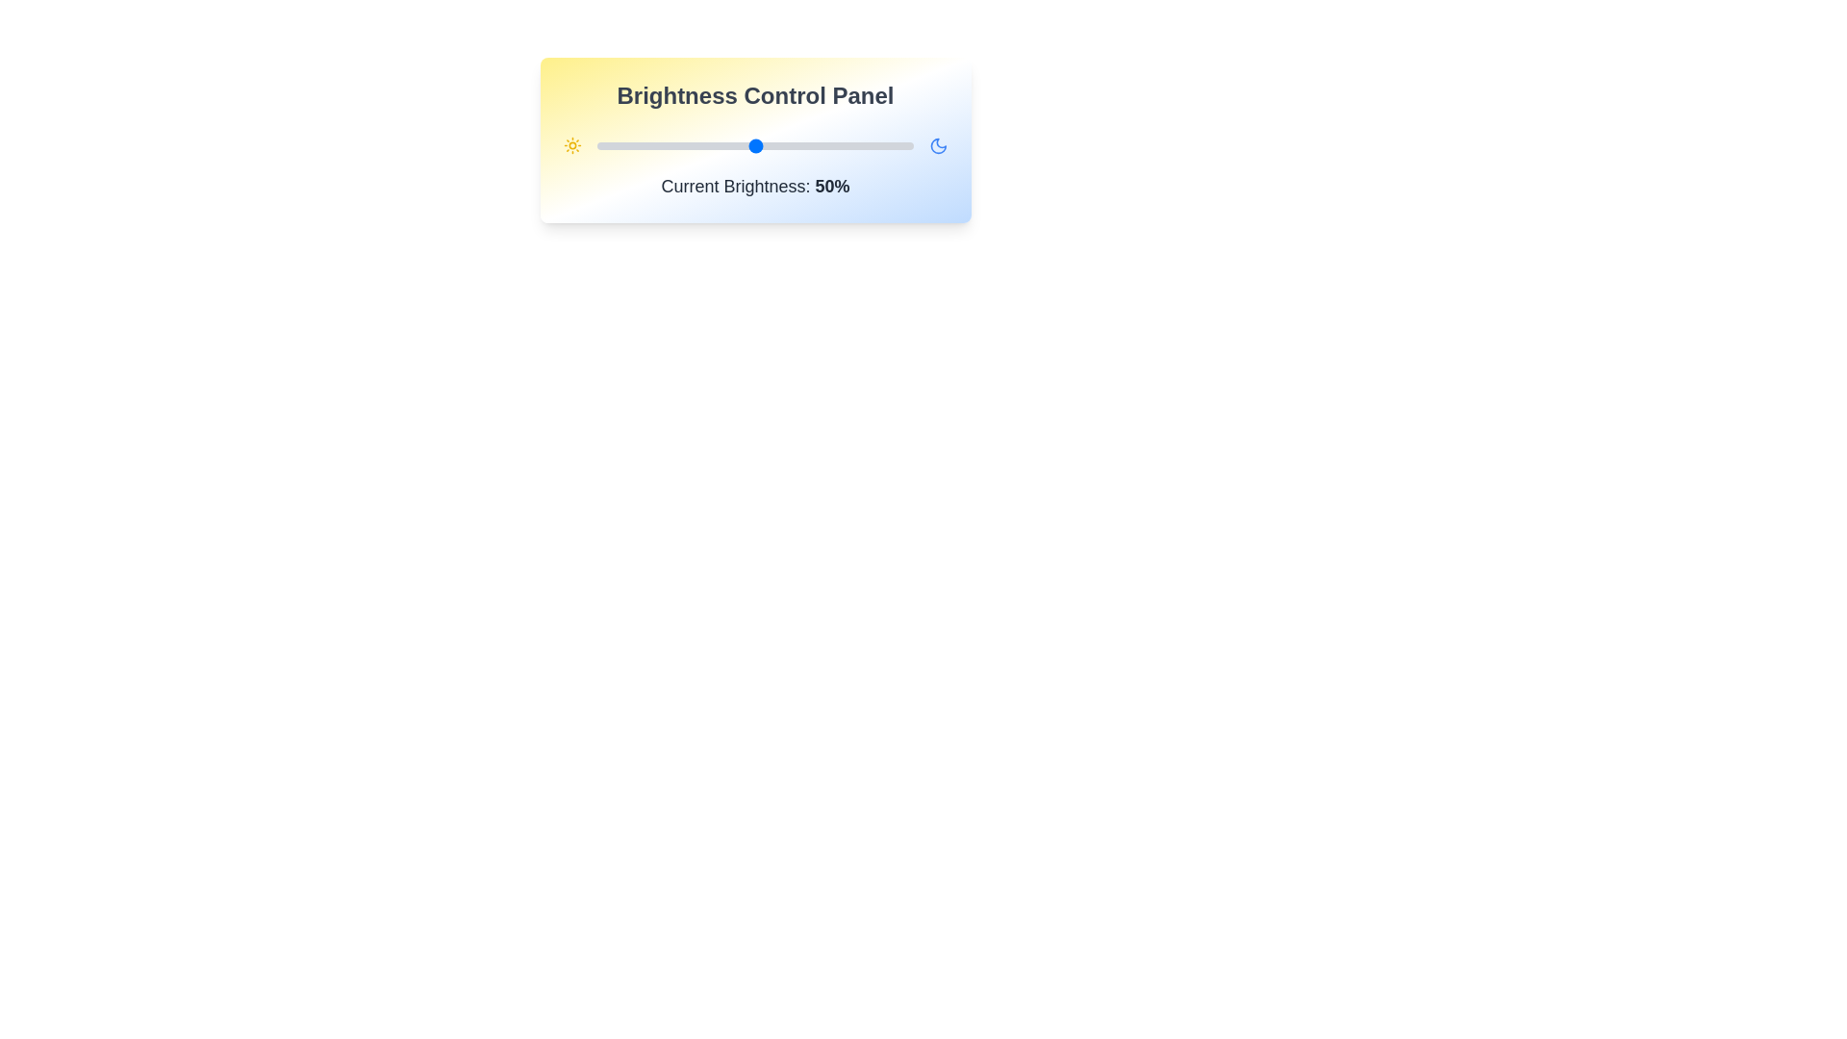  What do you see at coordinates (686, 144) in the screenshot?
I see `the brightness` at bounding box center [686, 144].